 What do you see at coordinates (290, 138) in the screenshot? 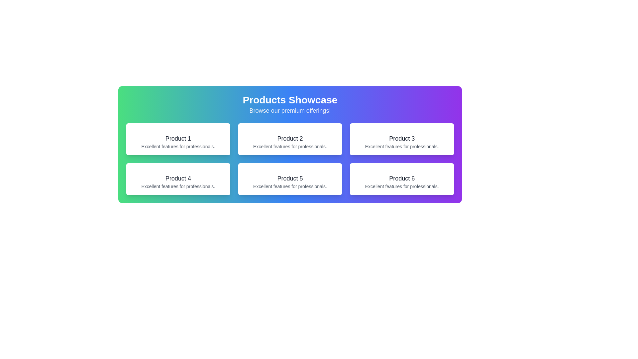
I see `text label that identifies the product within the second card of the first row in the grid layout` at bounding box center [290, 138].